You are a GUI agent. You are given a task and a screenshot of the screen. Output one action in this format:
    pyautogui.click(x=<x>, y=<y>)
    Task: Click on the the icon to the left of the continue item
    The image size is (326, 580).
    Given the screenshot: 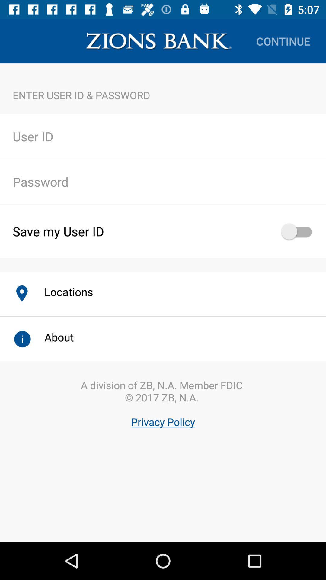 What is the action you would take?
    pyautogui.click(x=158, y=41)
    